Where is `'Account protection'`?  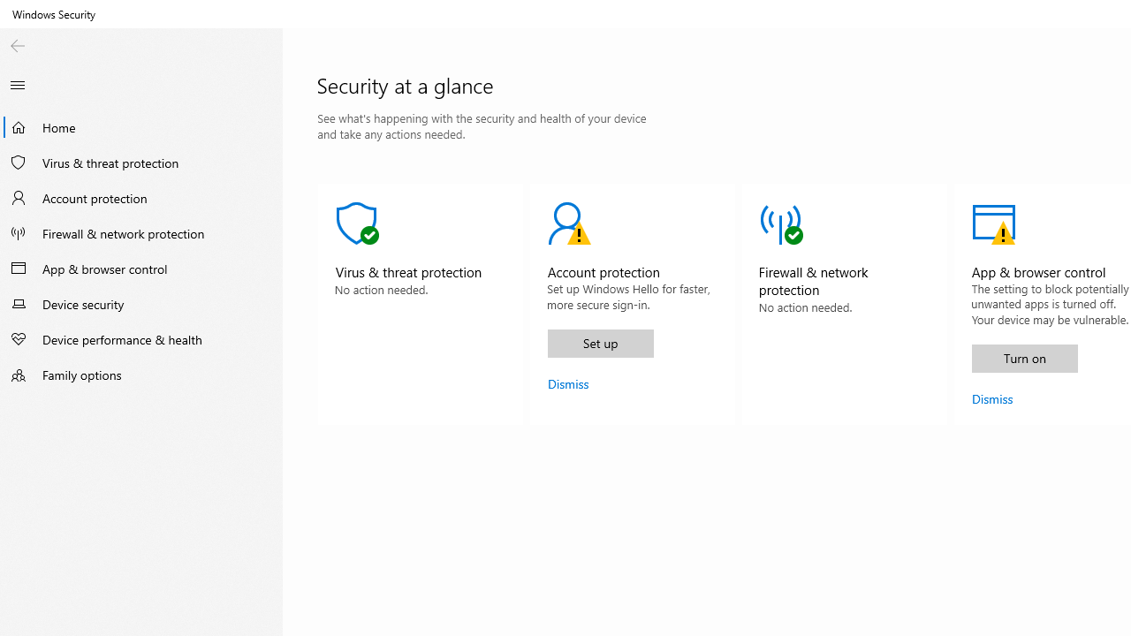 'Account protection' is located at coordinates (141, 197).